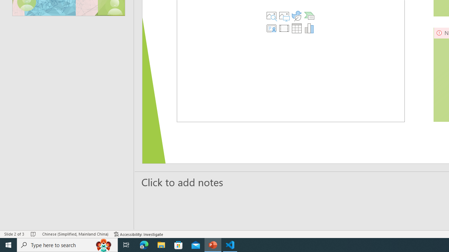 This screenshot has height=252, width=449. Describe the element at coordinates (271, 16) in the screenshot. I see `'Stock Images'` at that location.